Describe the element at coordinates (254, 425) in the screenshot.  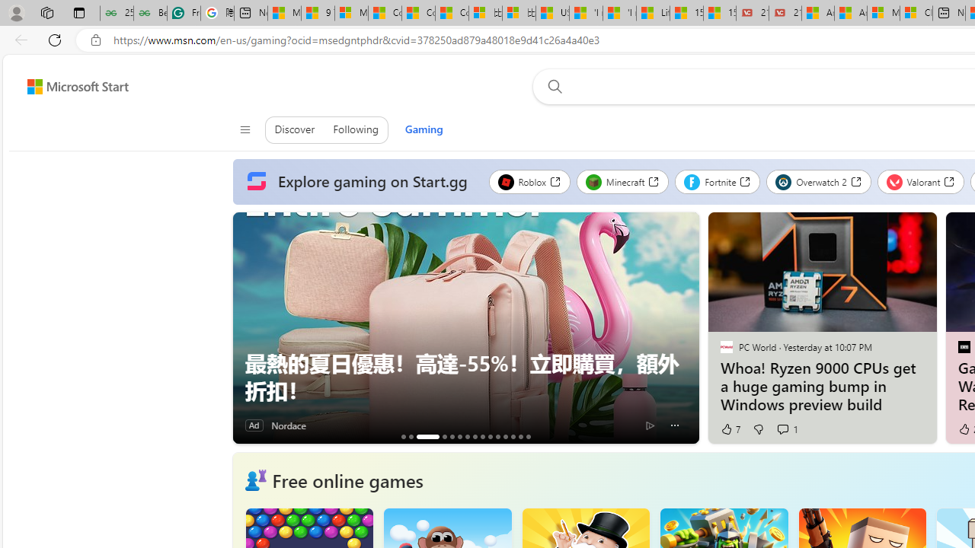
I see `'Ad'` at that location.